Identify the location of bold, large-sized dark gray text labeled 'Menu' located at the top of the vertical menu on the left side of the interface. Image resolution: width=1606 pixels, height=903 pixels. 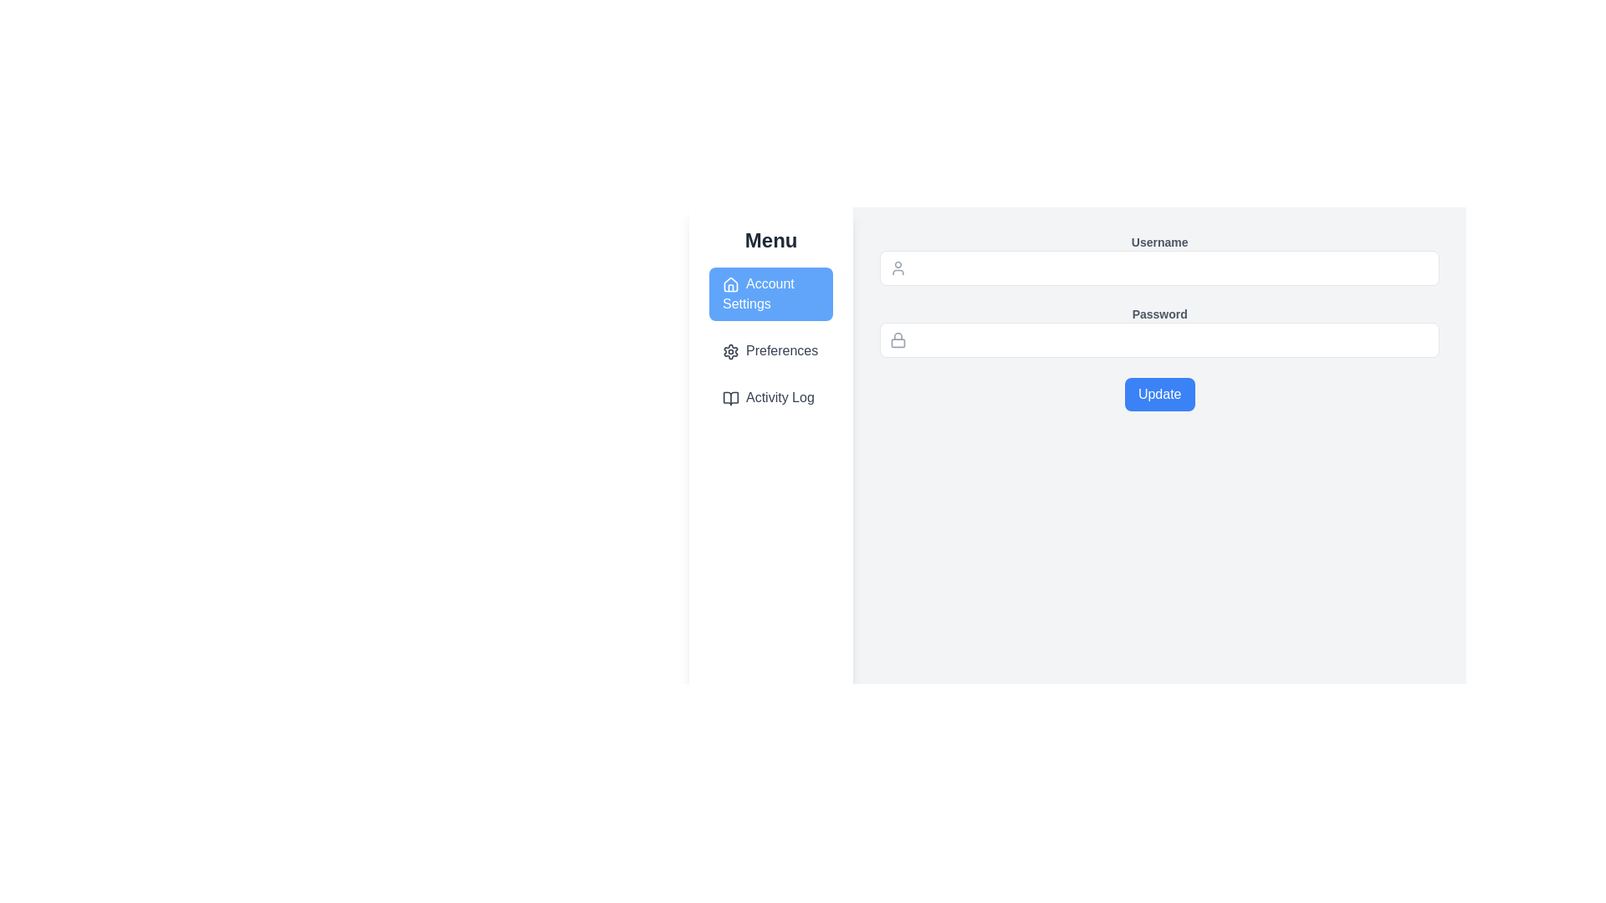
(770, 241).